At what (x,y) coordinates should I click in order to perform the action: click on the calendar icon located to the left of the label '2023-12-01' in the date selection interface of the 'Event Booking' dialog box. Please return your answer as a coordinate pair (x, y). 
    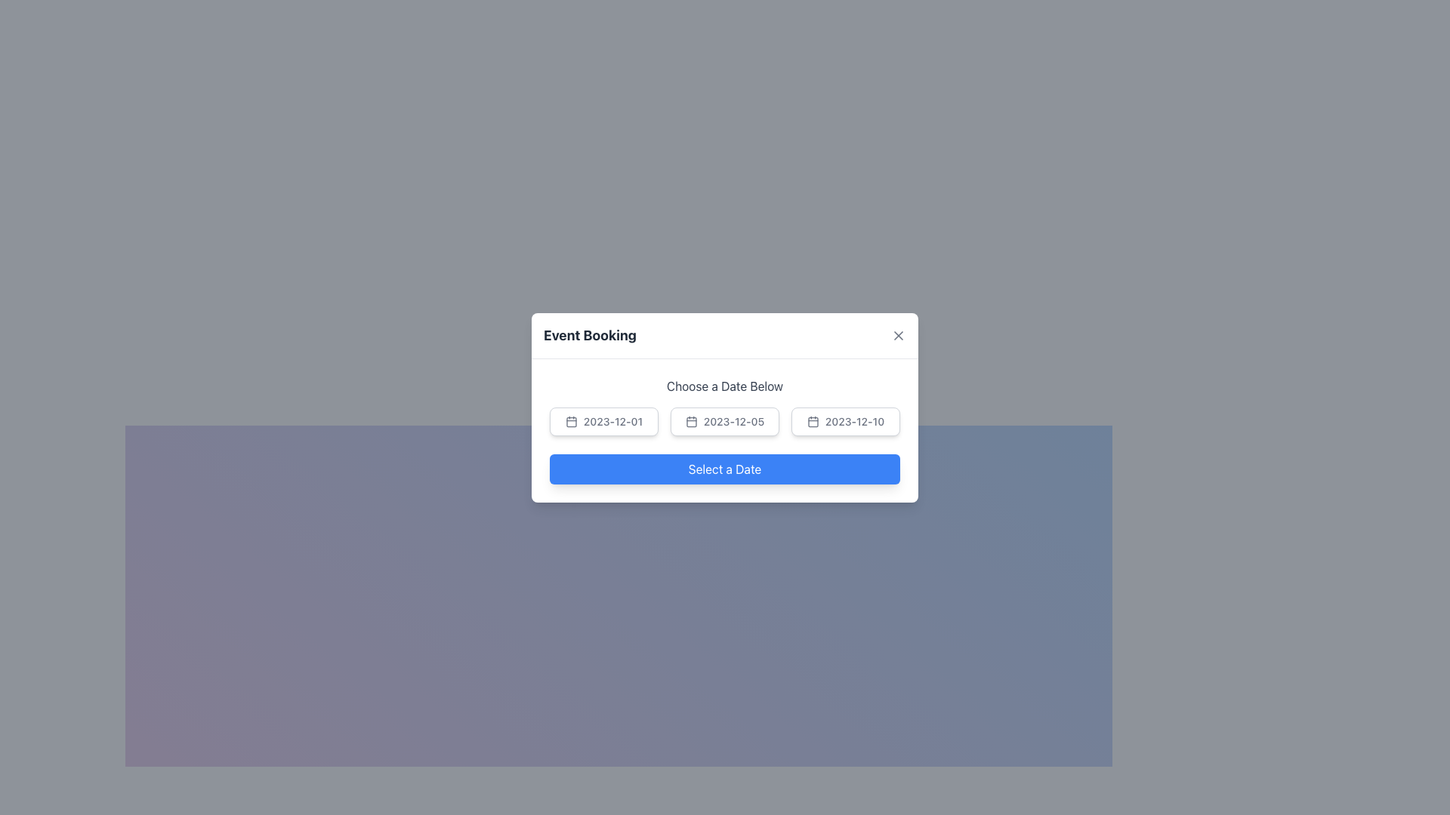
    Looking at the image, I should click on (570, 422).